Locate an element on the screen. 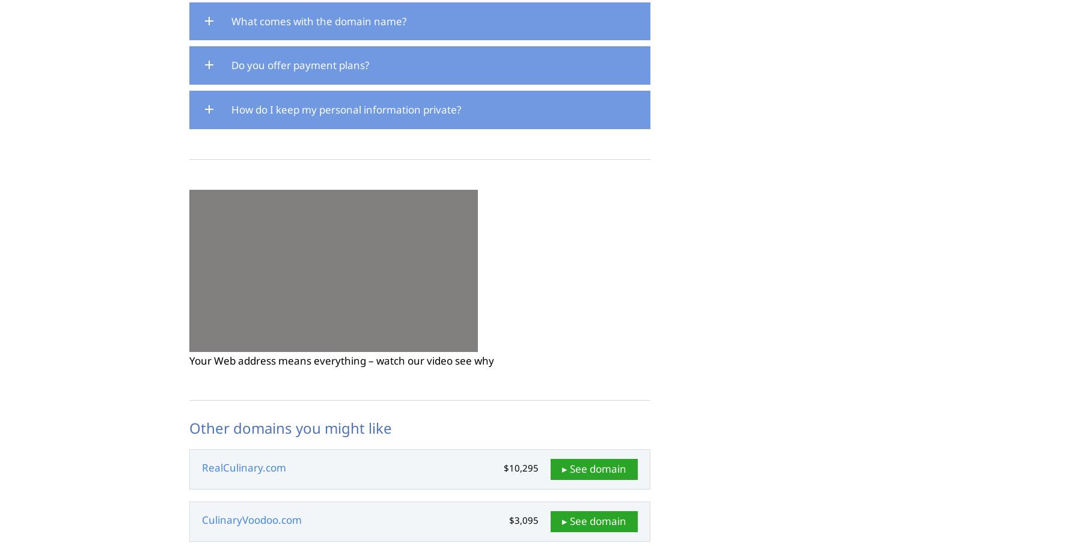 The height and width of the screenshot is (546, 1082). 'Your Web address means everything – watch our video see why' is located at coordinates (341, 360).